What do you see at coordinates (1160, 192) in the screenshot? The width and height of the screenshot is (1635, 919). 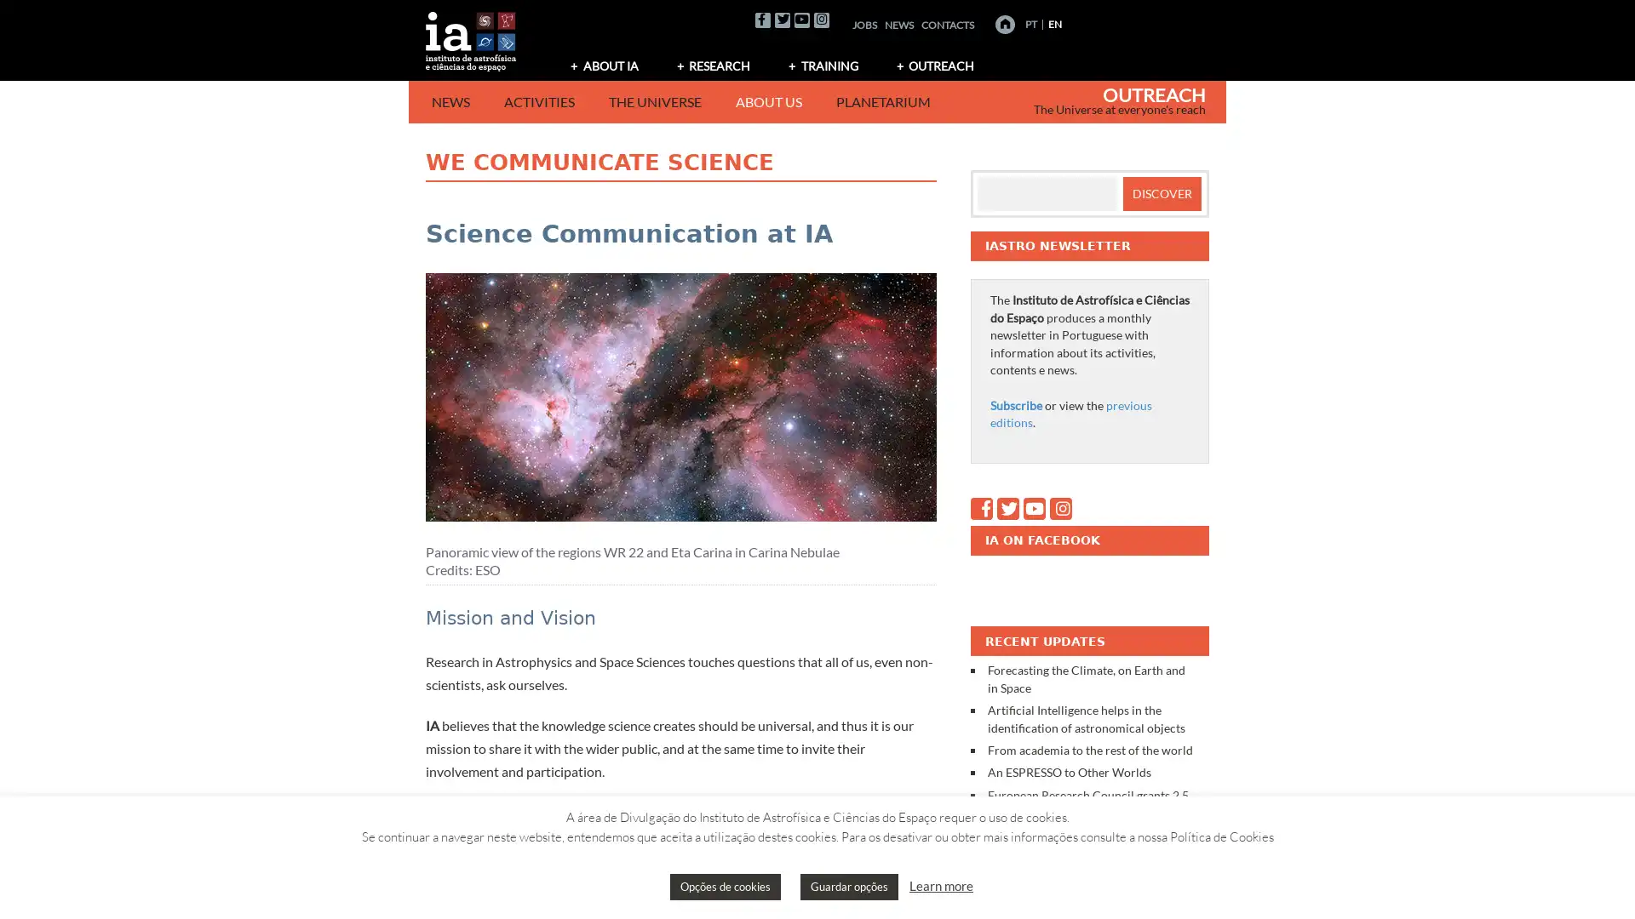 I see `Discover` at bounding box center [1160, 192].